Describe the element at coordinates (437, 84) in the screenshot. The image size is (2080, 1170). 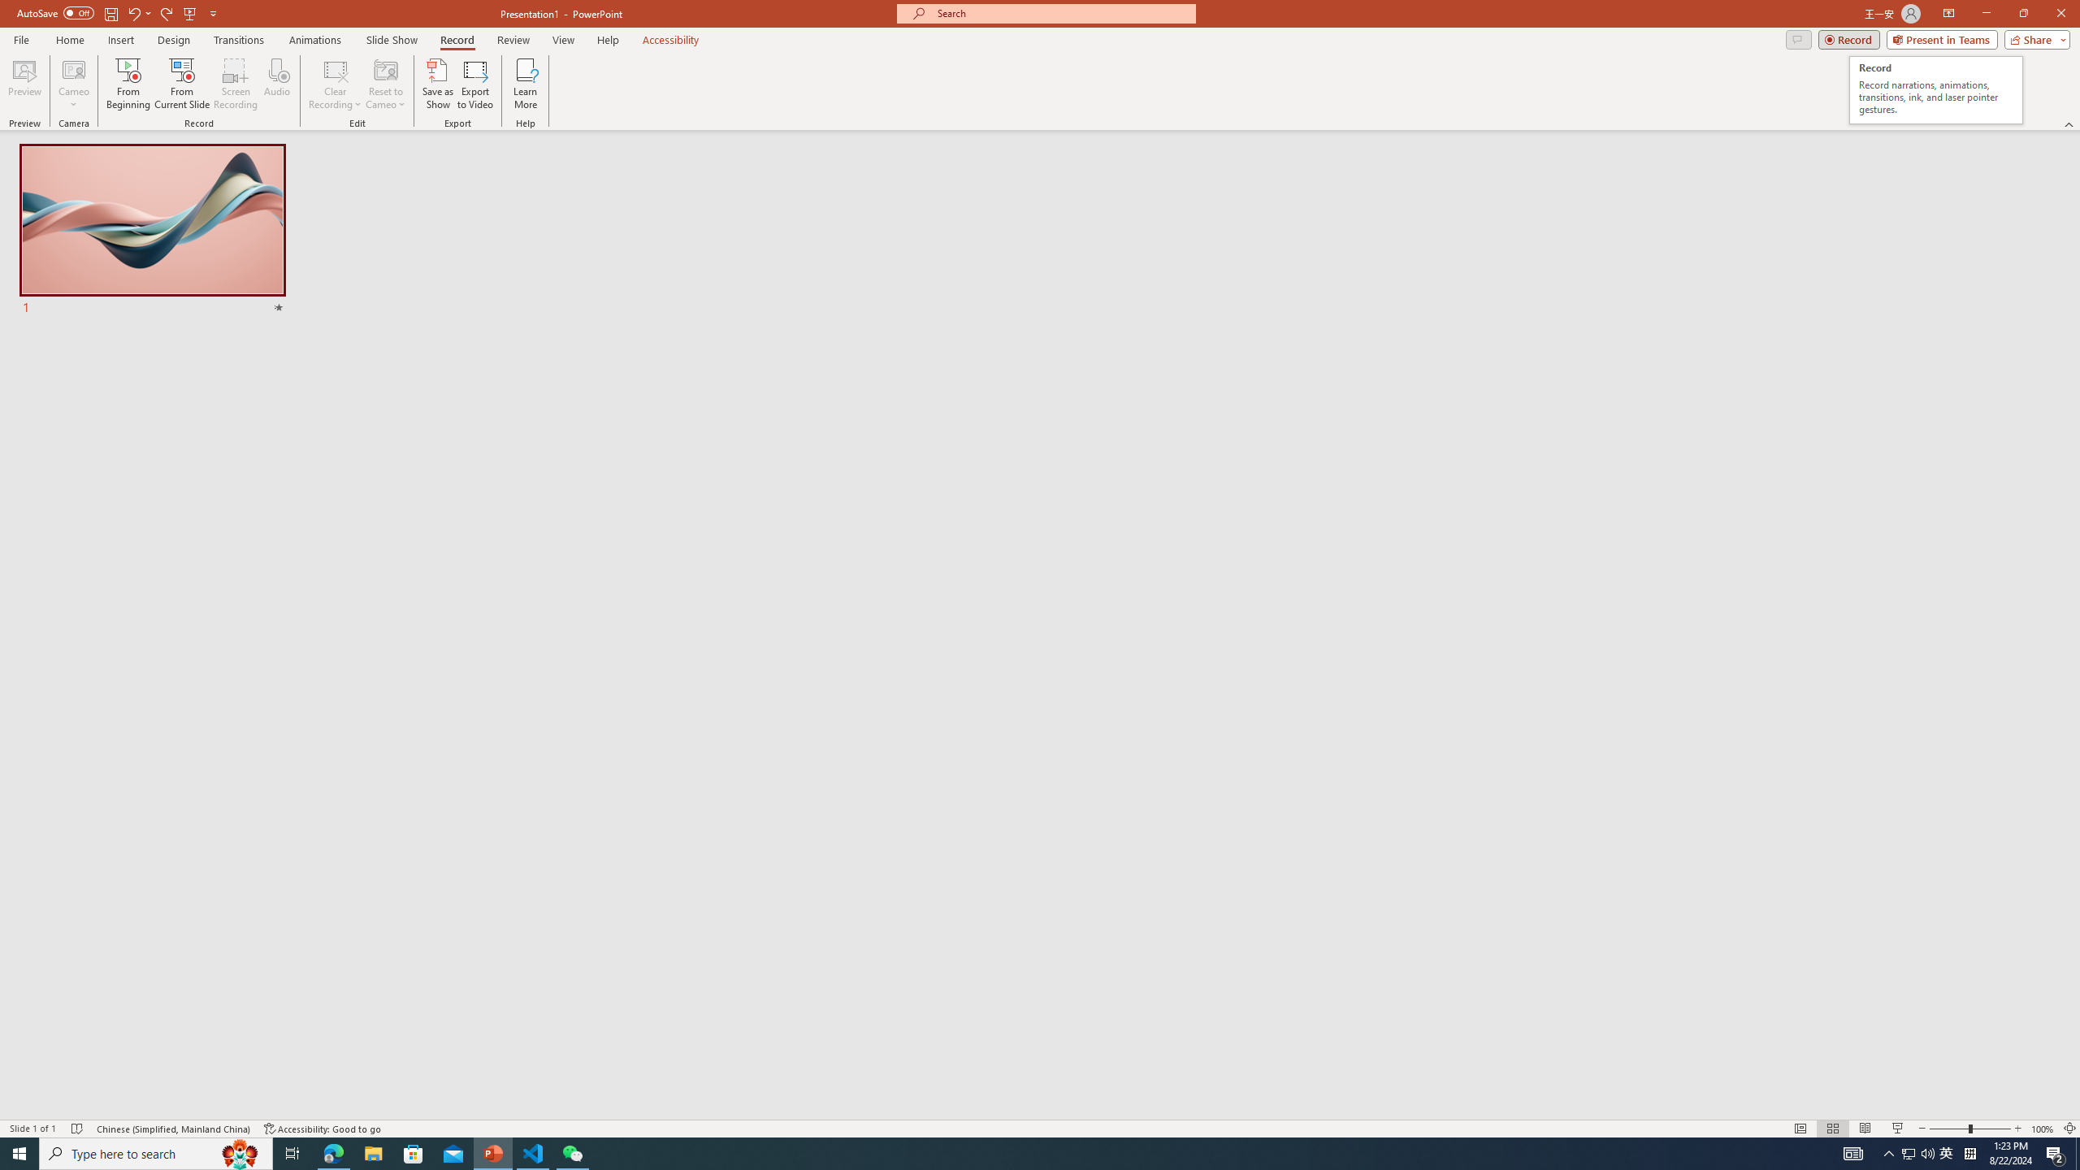
I see `'Save as Show'` at that location.